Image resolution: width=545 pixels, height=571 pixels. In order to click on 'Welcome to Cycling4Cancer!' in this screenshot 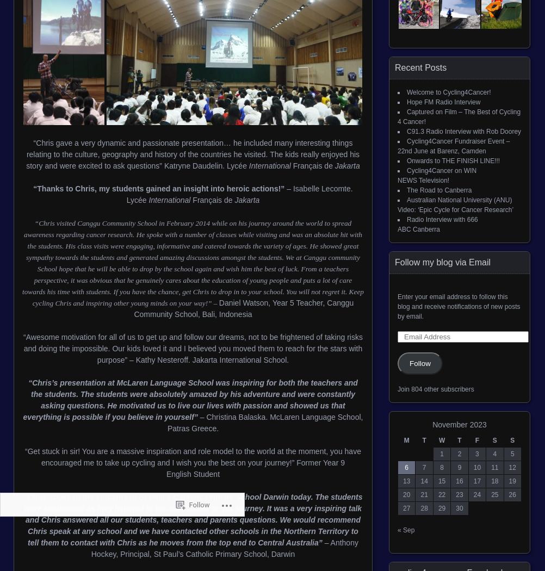, I will do `click(448, 92)`.